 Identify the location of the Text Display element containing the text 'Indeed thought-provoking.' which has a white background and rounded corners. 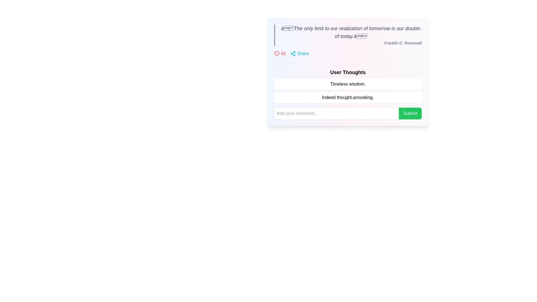
(347, 97).